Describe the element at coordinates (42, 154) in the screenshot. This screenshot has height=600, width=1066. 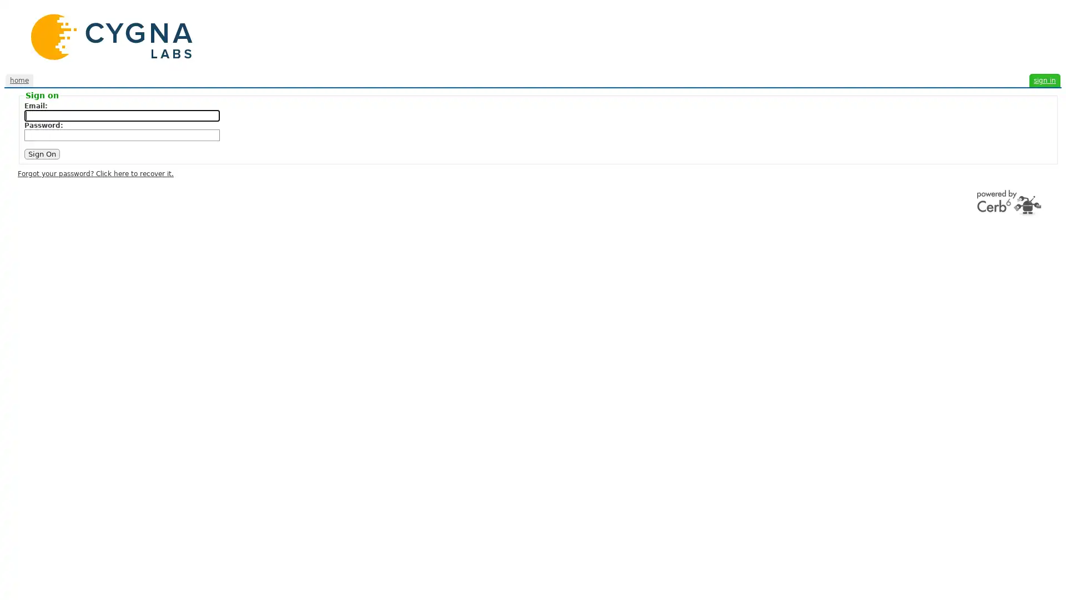
I see `Sign On` at that location.